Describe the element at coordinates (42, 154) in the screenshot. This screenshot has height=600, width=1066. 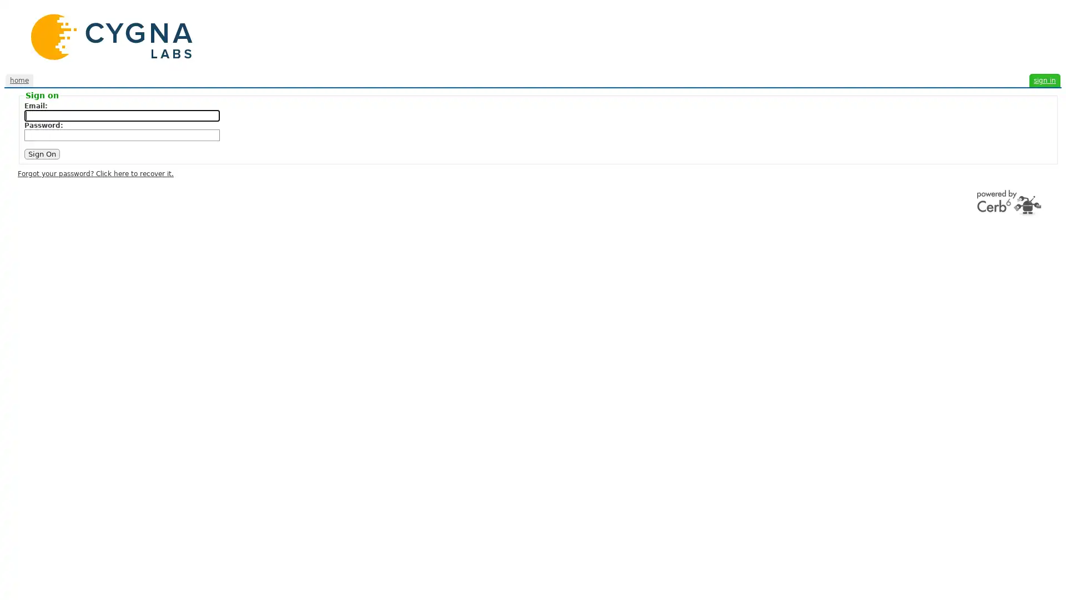
I see `Sign On` at that location.